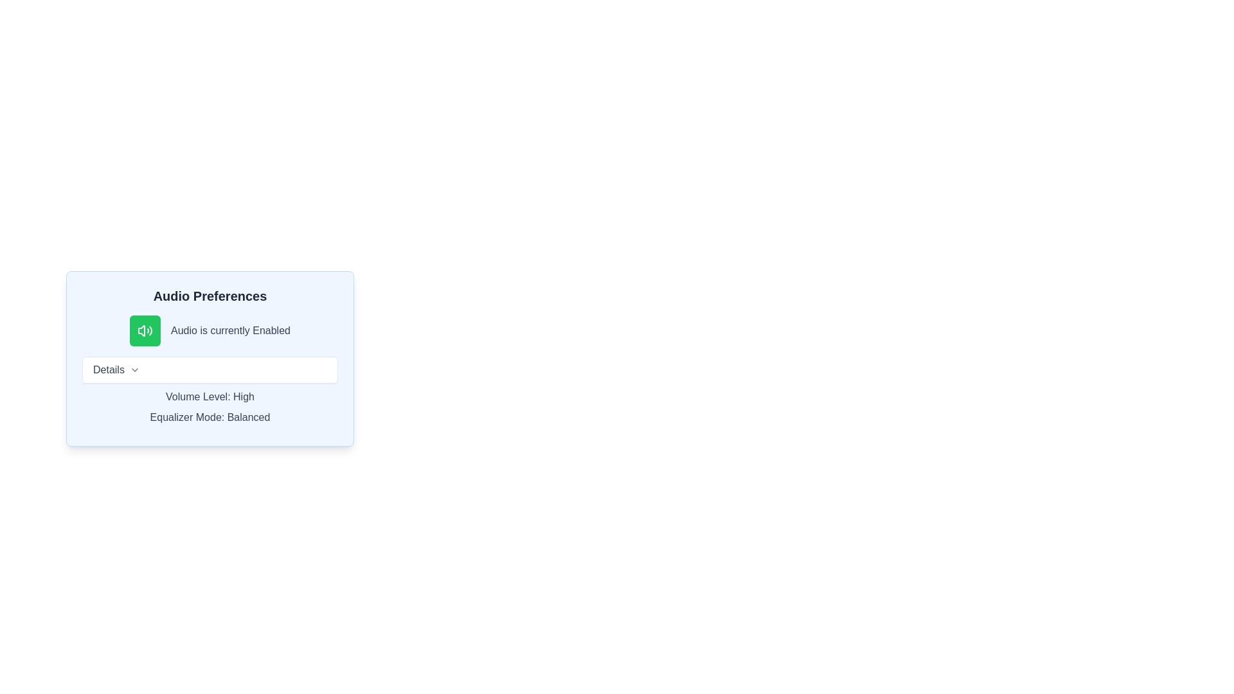  I want to click on non-interactive Text Label that displays the current equalizer mode set to 'Balanced', located below 'Volume Level: High' in the 'Audio Preferences' card, so click(210, 418).